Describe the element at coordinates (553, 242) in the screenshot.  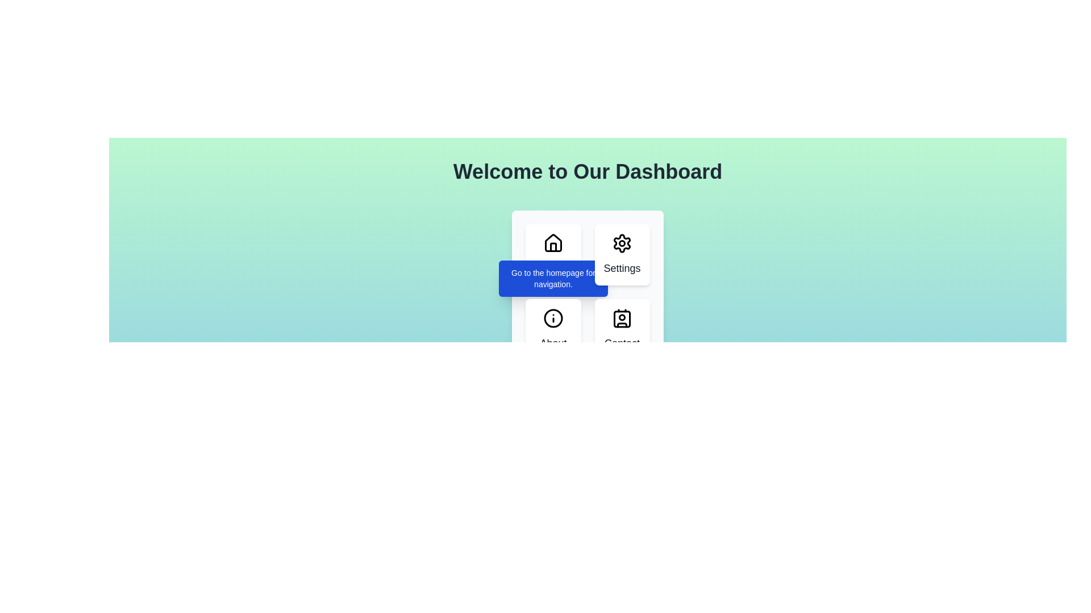
I see `the home icon located in the top-left button of the square button grid below the 'Welcome to Our Dashboard' heading` at that location.